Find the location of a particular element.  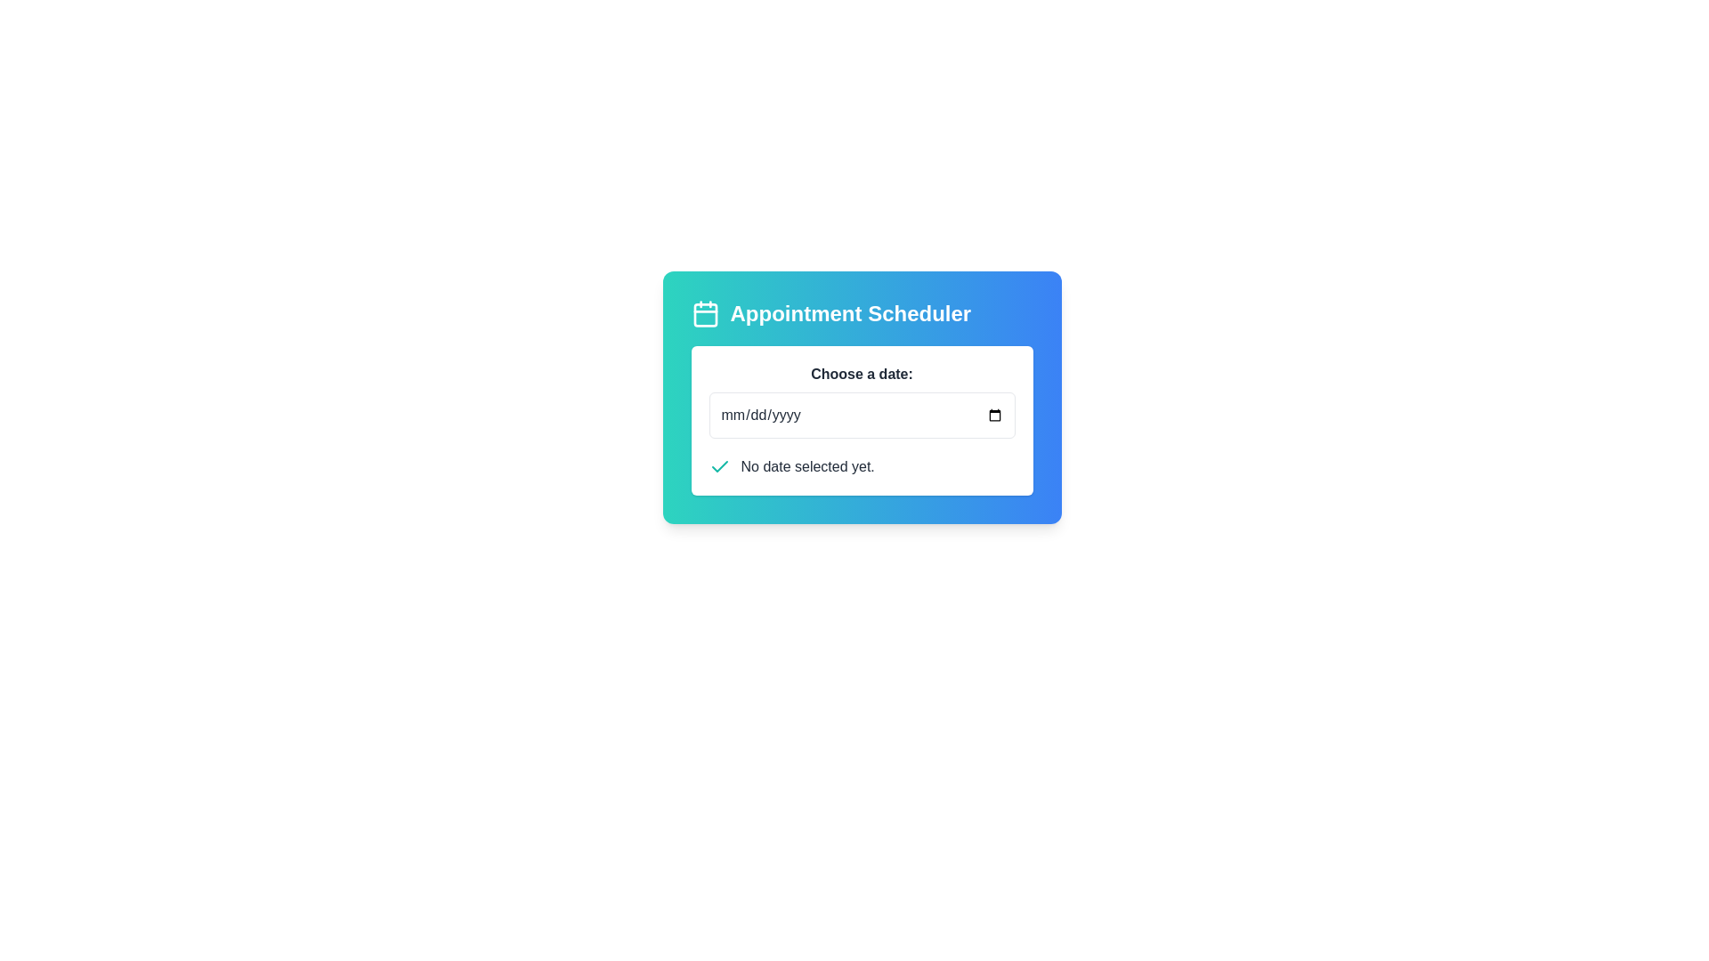

the Text label that indicates no date has been chosen yet, which is located to the right of a green checkmark icon in the date selection widget is located at coordinates (806, 465).